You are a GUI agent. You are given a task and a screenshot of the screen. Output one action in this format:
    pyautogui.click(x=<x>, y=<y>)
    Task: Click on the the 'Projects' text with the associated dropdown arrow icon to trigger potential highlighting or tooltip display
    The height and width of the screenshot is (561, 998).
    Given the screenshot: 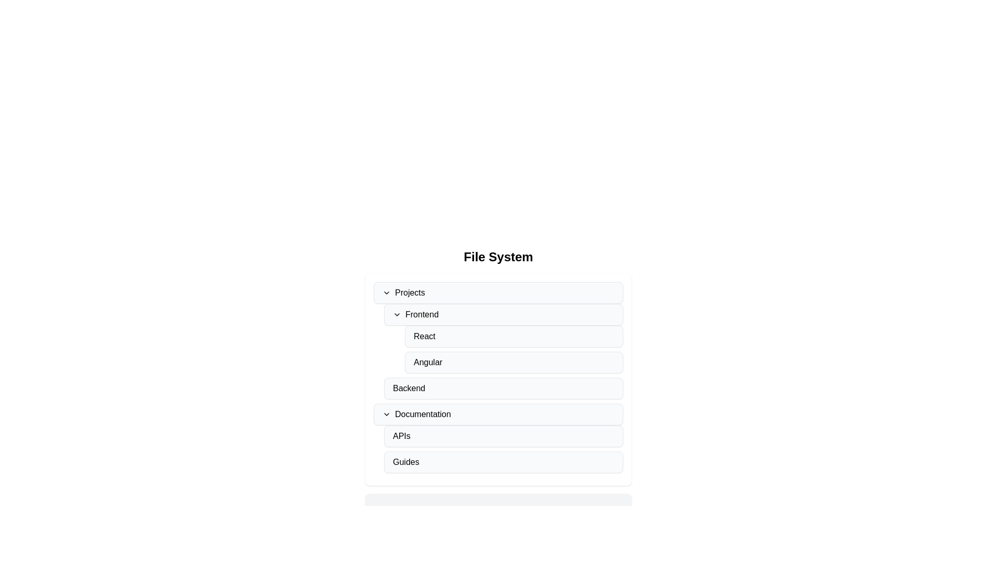 What is the action you would take?
    pyautogui.click(x=403, y=292)
    